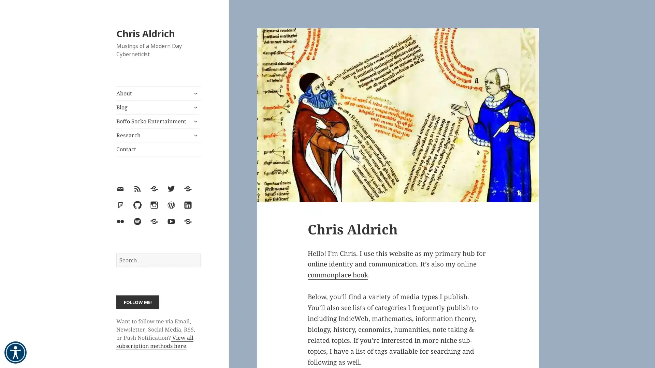 This screenshot has width=655, height=368. Describe the element at coordinates (194, 121) in the screenshot. I see `expand child menu` at that location.